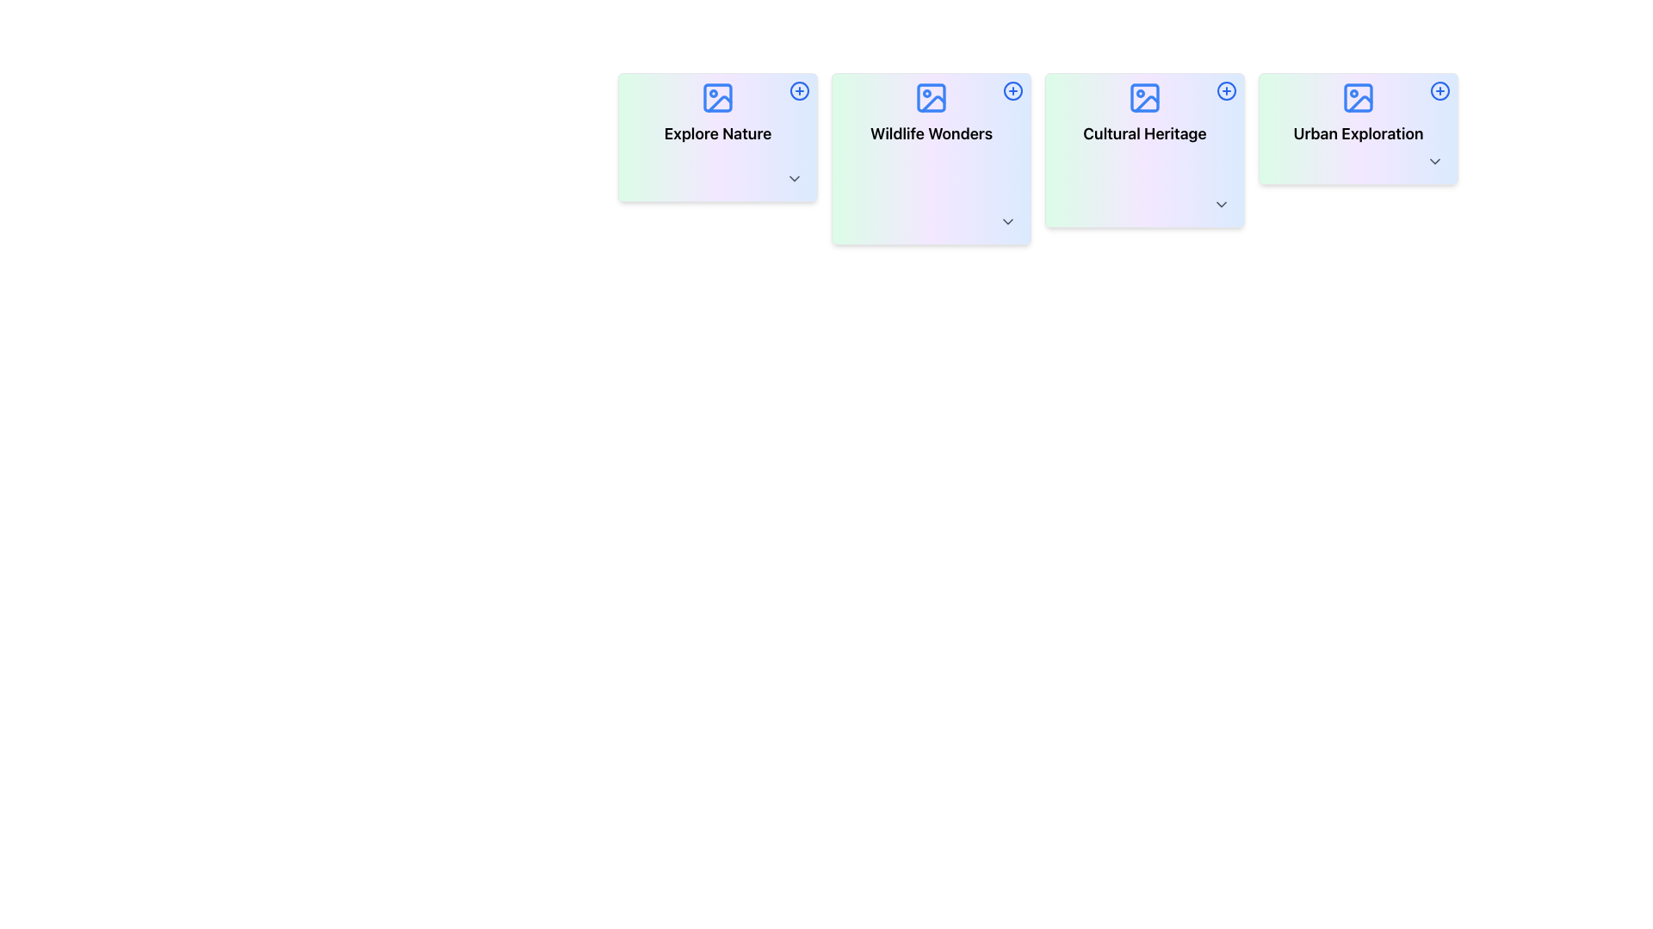  I want to click on the card component titled 'Wildlife Wonders' which features a gradient background and interactive icons, located in the grid layout as the second card from the left, so click(930, 159).